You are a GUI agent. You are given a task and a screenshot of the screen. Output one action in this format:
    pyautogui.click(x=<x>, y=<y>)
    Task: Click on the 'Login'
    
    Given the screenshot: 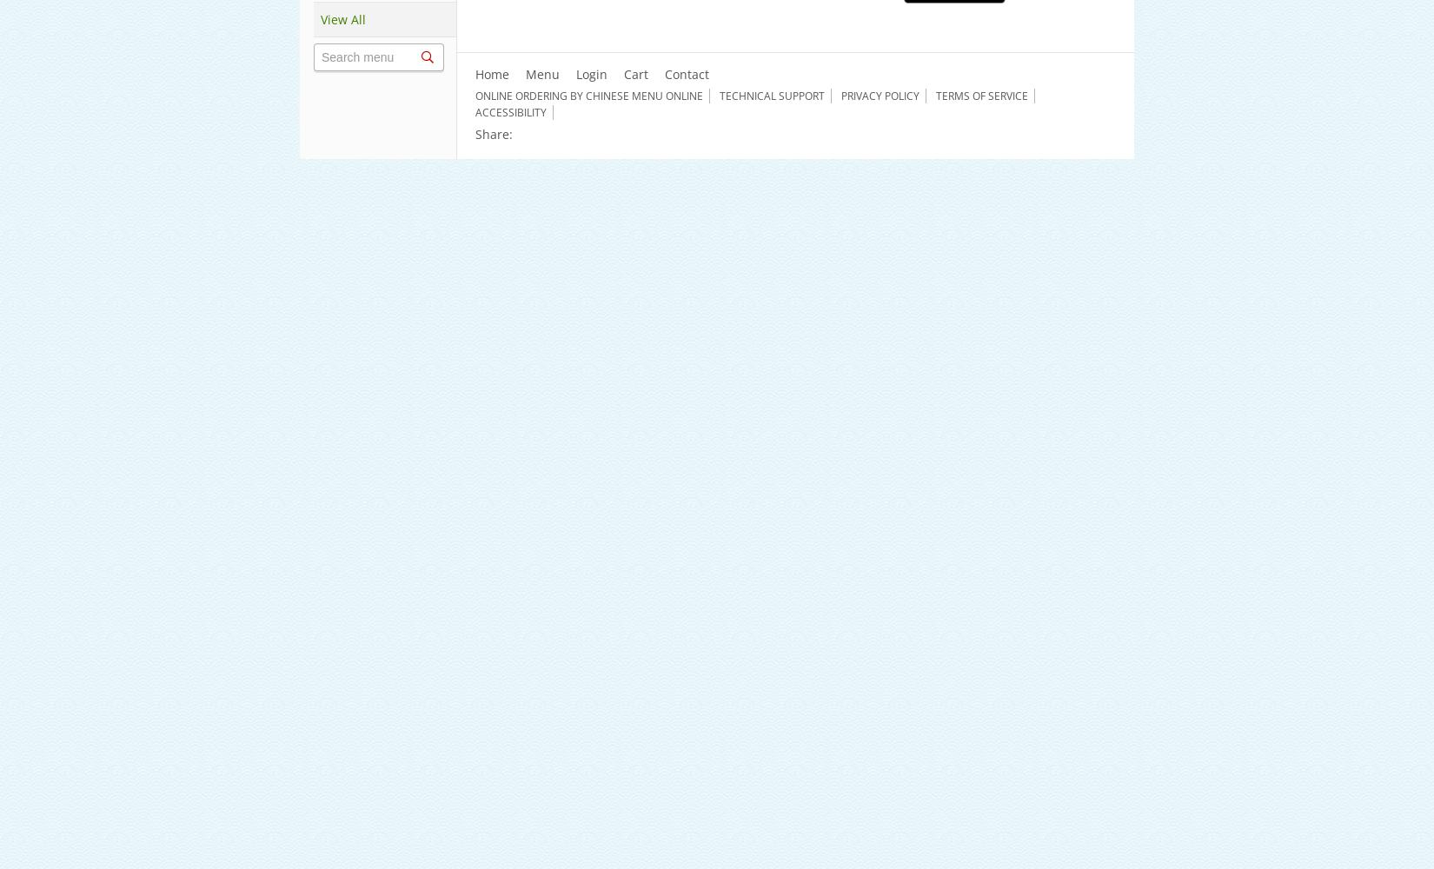 What is the action you would take?
    pyautogui.click(x=589, y=73)
    